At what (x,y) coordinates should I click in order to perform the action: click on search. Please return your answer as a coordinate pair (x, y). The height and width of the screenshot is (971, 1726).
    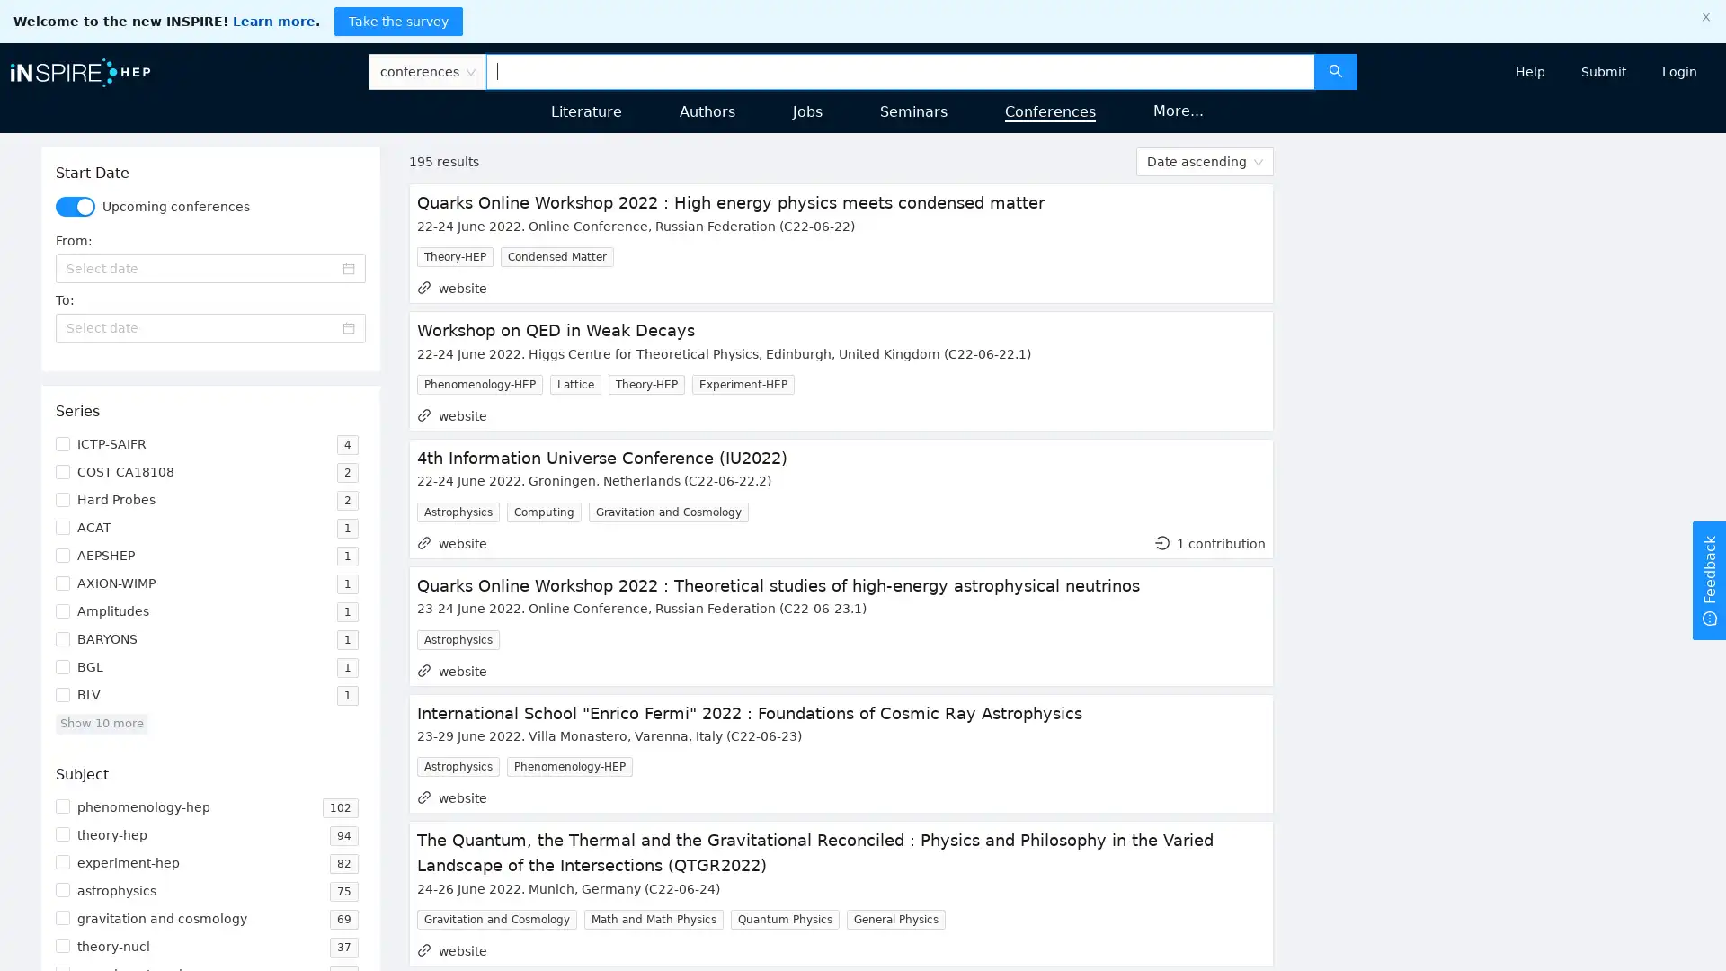
    Looking at the image, I should click on (1334, 69).